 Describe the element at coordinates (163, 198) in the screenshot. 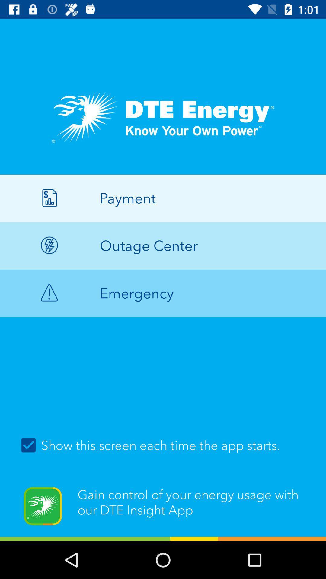

I see `payment` at that location.